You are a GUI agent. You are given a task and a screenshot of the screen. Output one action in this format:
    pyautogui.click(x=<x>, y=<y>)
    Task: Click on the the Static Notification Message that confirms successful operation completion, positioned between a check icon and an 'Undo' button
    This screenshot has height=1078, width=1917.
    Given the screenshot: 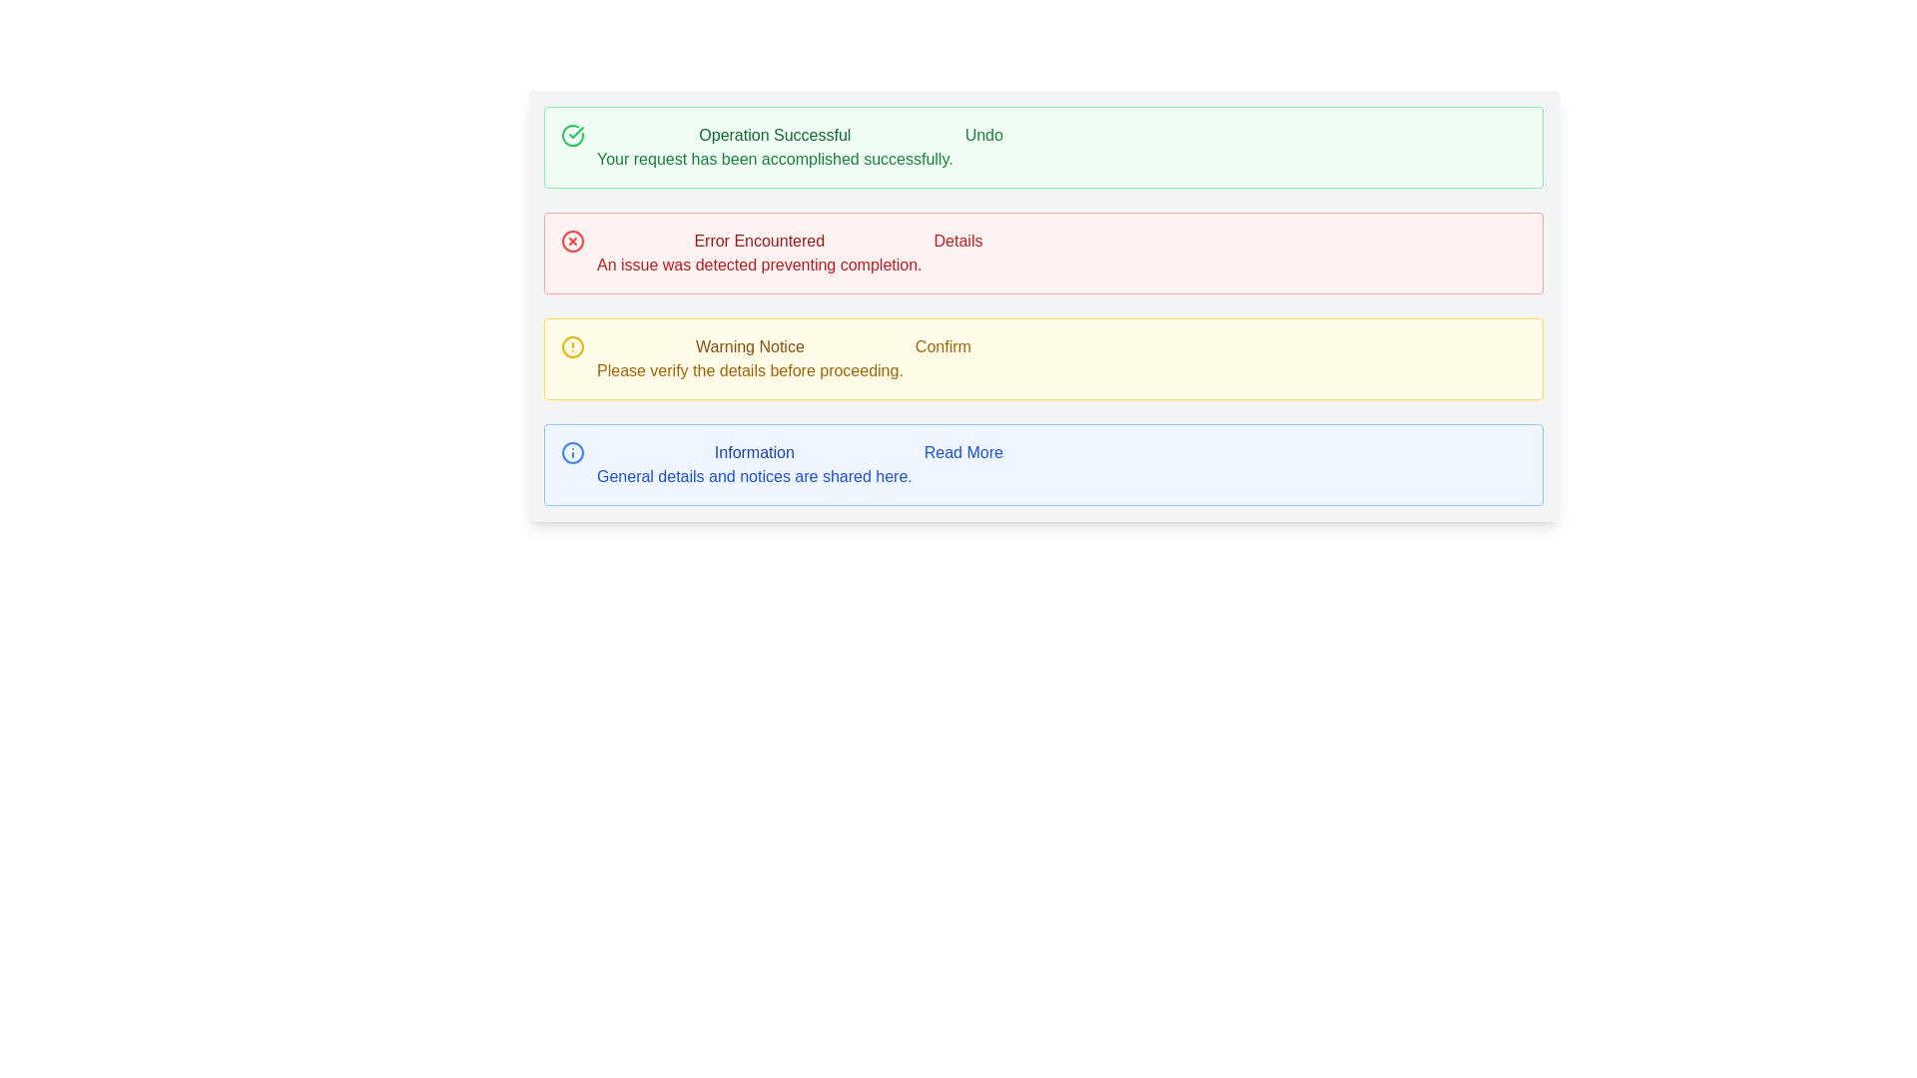 What is the action you would take?
    pyautogui.click(x=774, y=146)
    